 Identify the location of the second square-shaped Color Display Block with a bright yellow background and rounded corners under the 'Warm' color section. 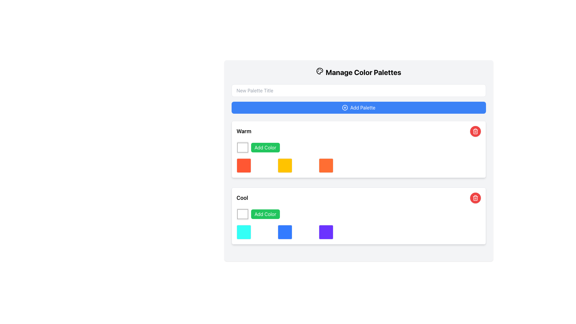
(284, 165).